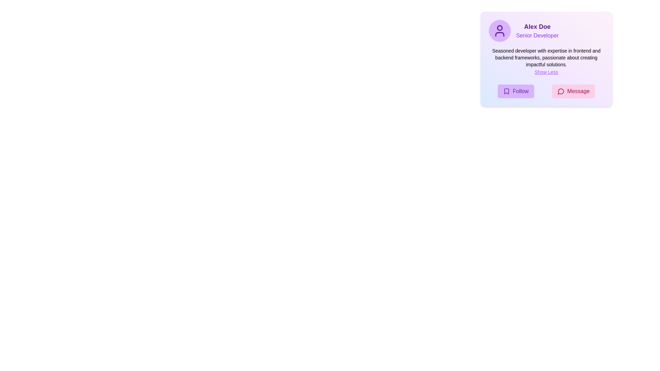 Image resolution: width=660 pixels, height=371 pixels. What do you see at coordinates (499, 27) in the screenshot?
I see `the user's head graphic element in the profile icon located at the top-left corner of the user card` at bounding box center [499, 27].